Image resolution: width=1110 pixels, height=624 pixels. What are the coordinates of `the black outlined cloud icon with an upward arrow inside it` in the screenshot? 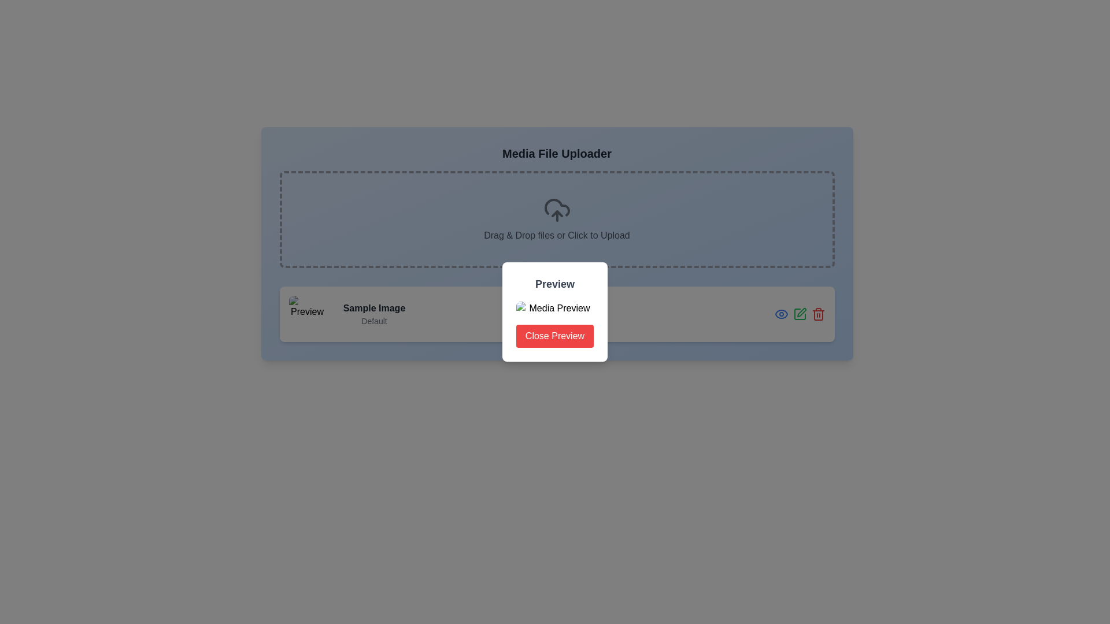 It's located at (557, 210).